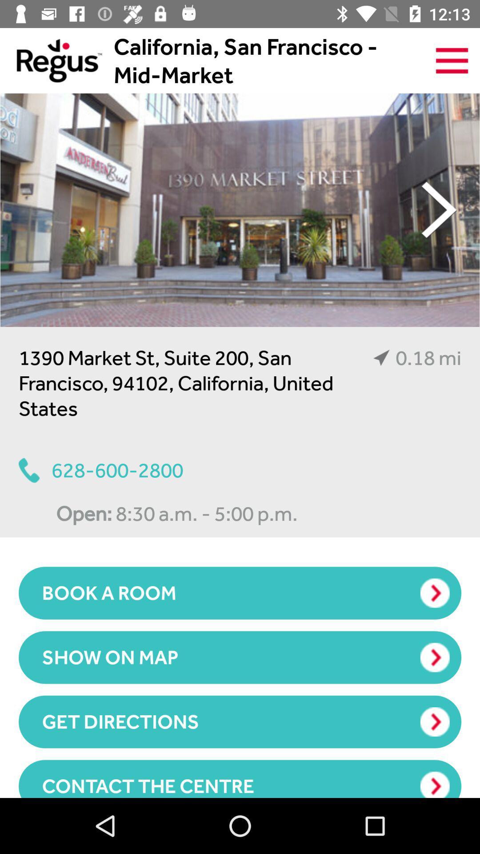 This screenshot has width=480, height=854. Describe the element at coordinates (51, 60) in the screenshot. I see `homepage` at that location.